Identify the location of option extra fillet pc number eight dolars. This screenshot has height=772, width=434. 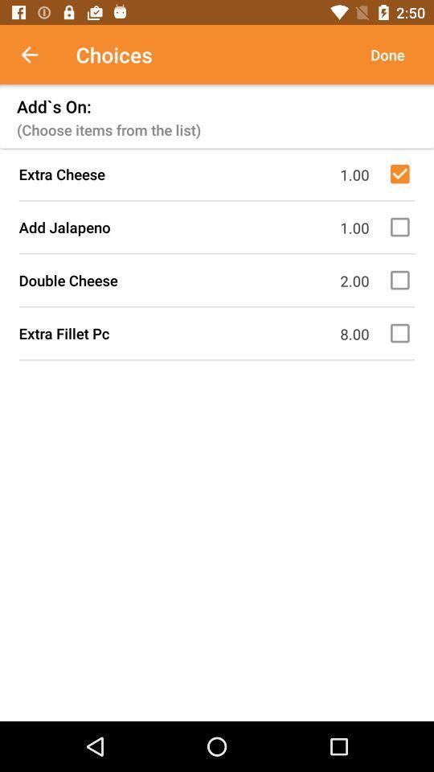
(402, 332).